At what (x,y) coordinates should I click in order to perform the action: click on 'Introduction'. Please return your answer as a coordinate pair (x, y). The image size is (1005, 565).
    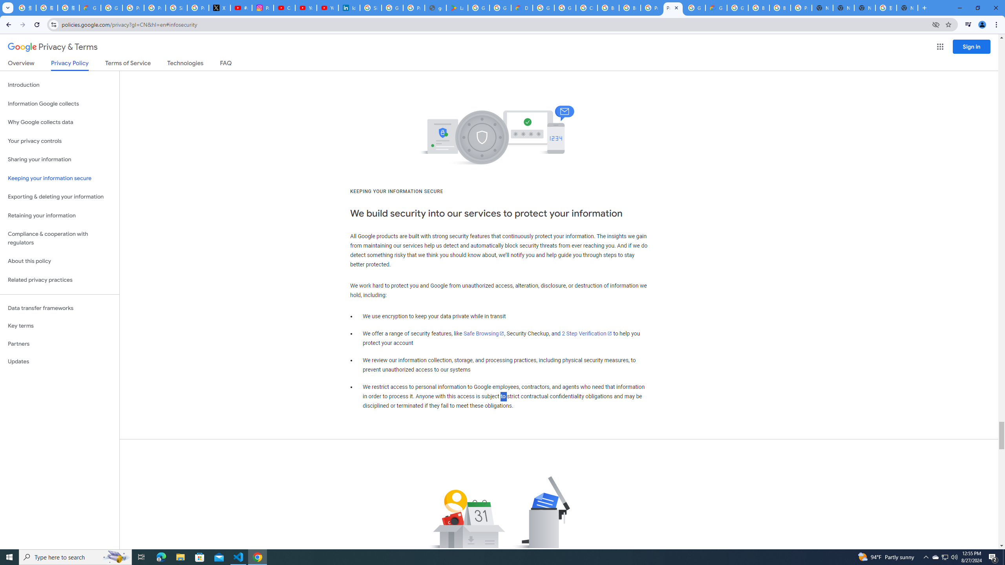
    Looking at the image, I should click on (59, 84).